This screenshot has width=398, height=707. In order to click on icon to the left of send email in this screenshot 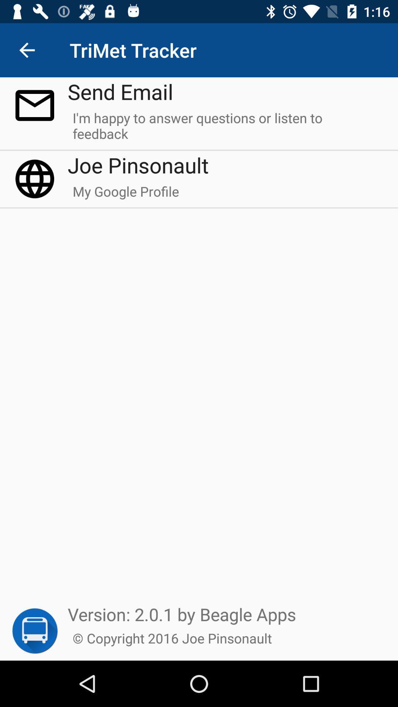, I will do `click(27, 50)`.